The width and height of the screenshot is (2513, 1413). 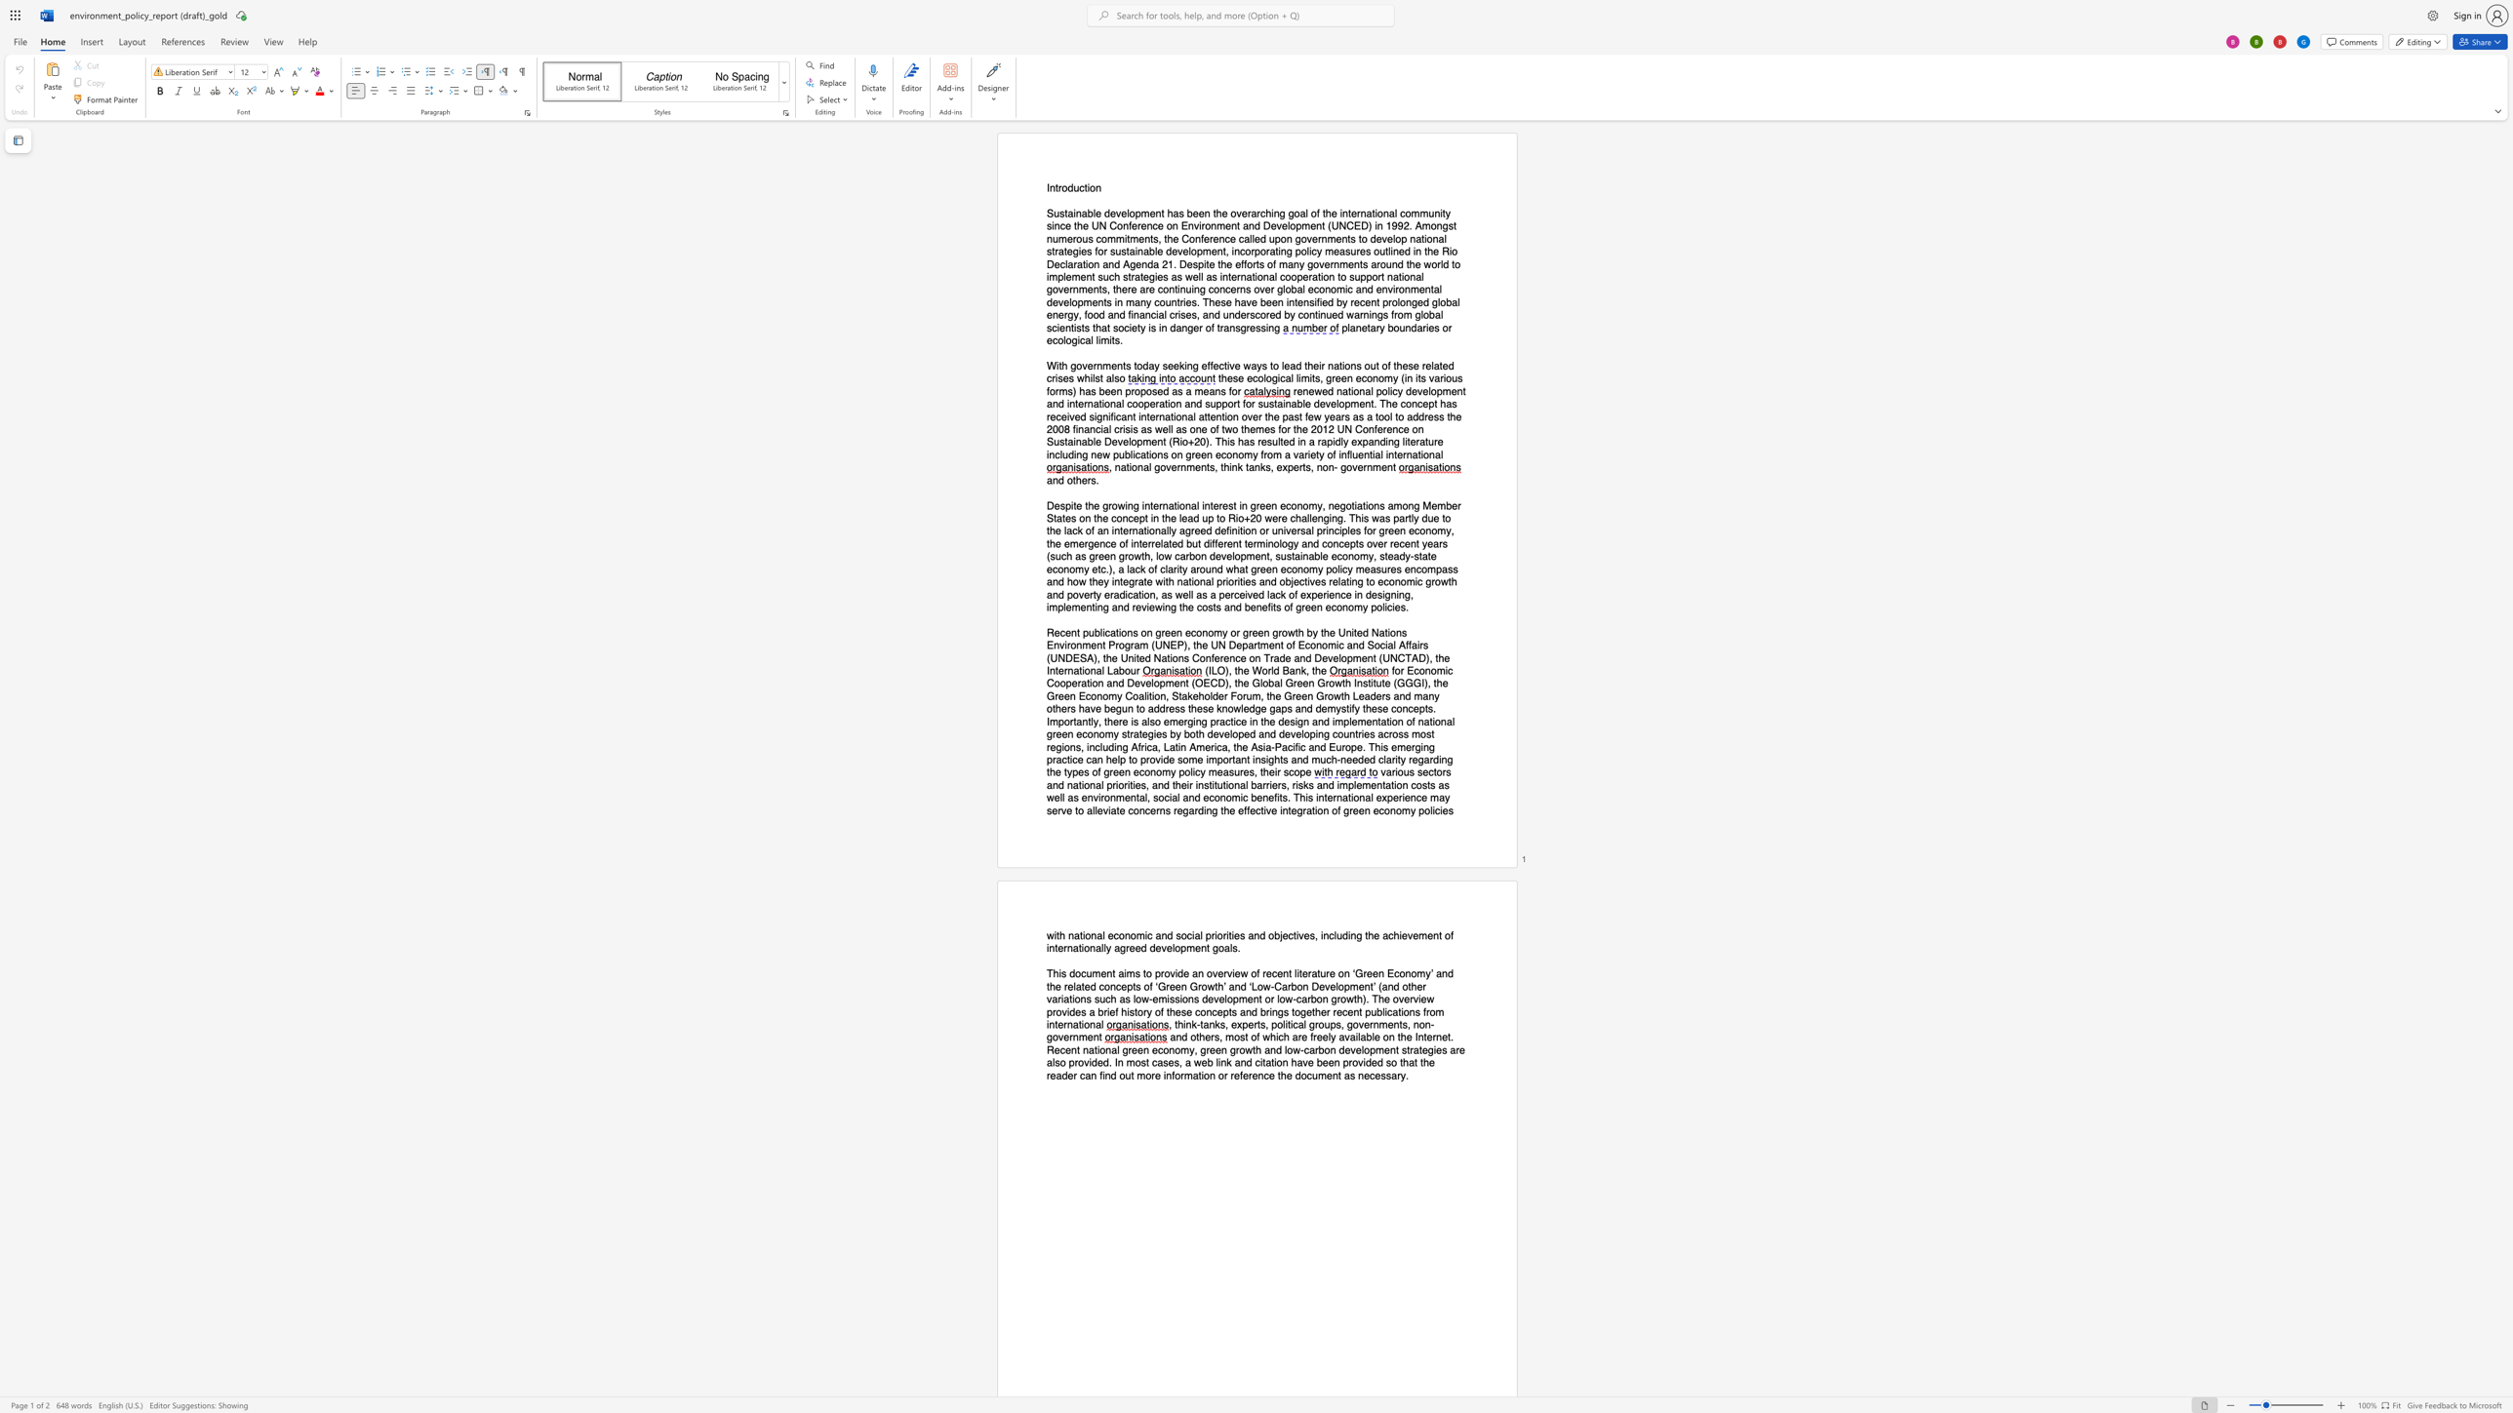 I want to click on the 5th character "o" in the text, so click(x=1120, y=327).